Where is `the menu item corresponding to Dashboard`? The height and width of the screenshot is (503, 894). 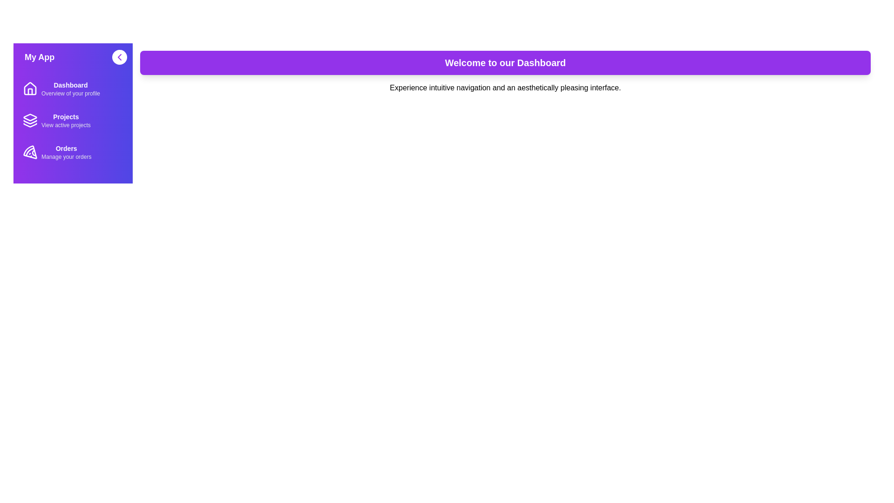
the menu item corresponding to Dashboard is located at coordinates (73, 89).